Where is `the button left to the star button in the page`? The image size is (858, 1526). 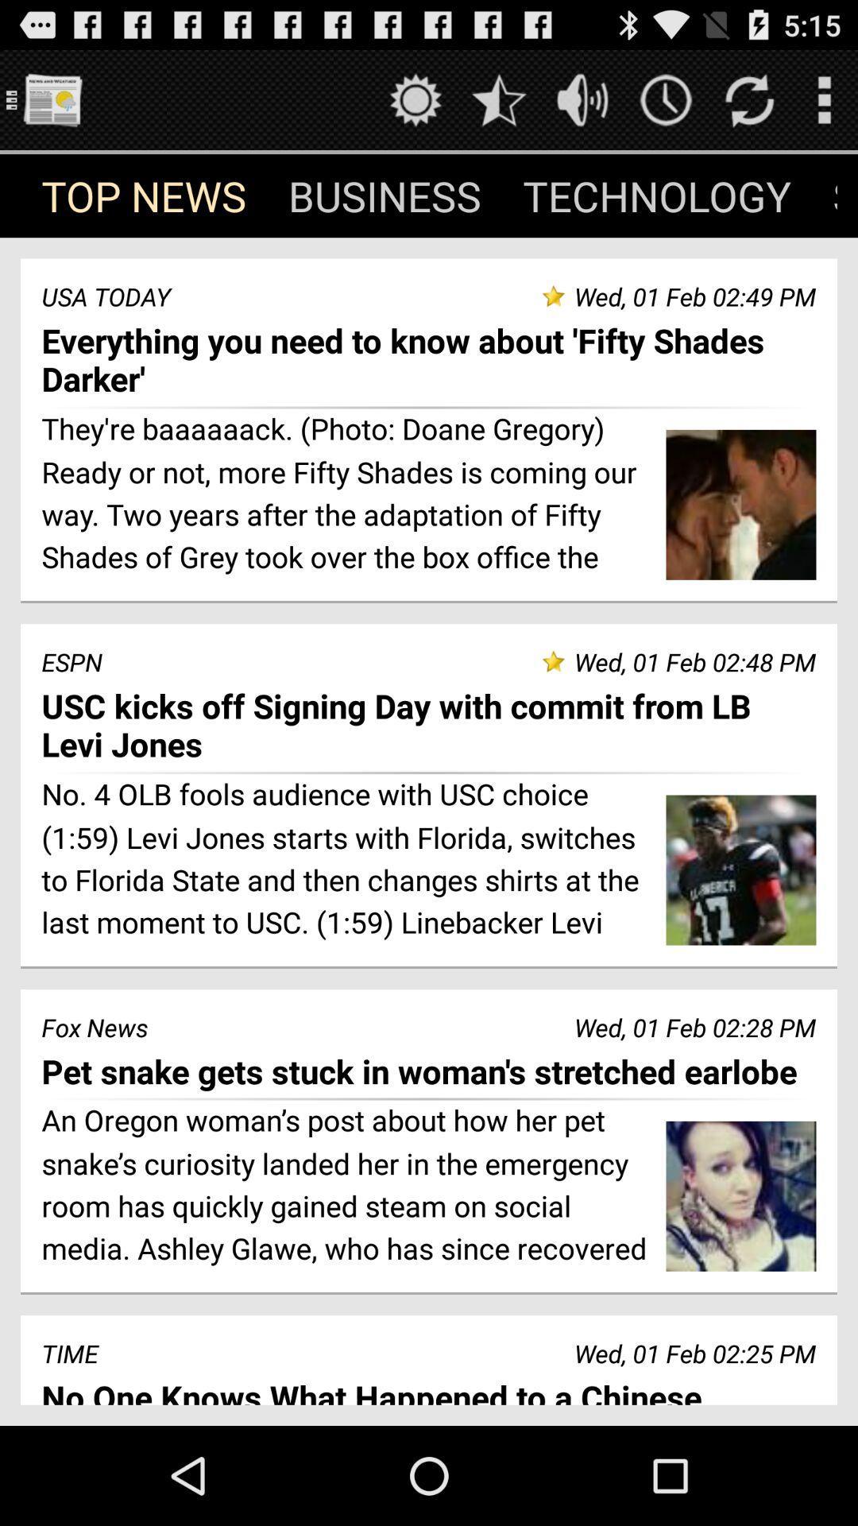 the button left to the star button in the page is located at coordinates (415, 99).